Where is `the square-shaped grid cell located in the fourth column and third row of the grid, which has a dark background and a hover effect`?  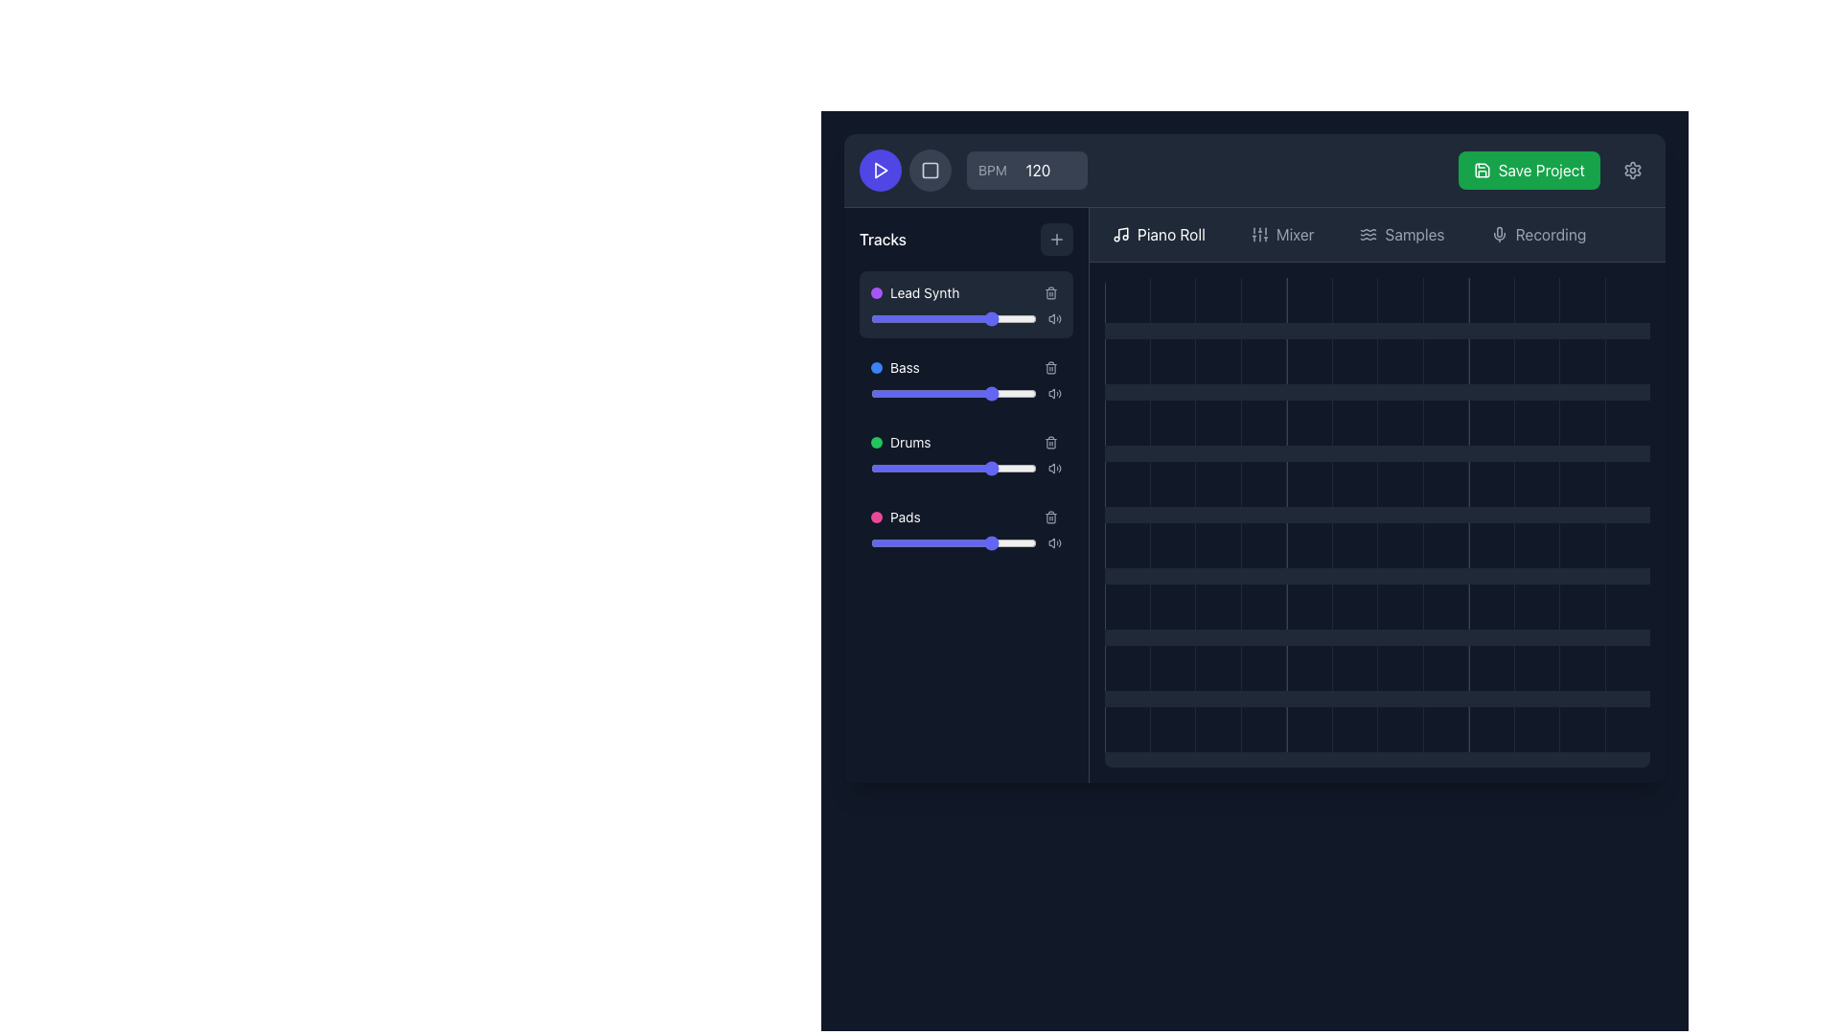 the square-shaped grid cell located in the fourth column and third row of the grid, which has a dark background and a hover effect is located at coordinates (1263, 422).